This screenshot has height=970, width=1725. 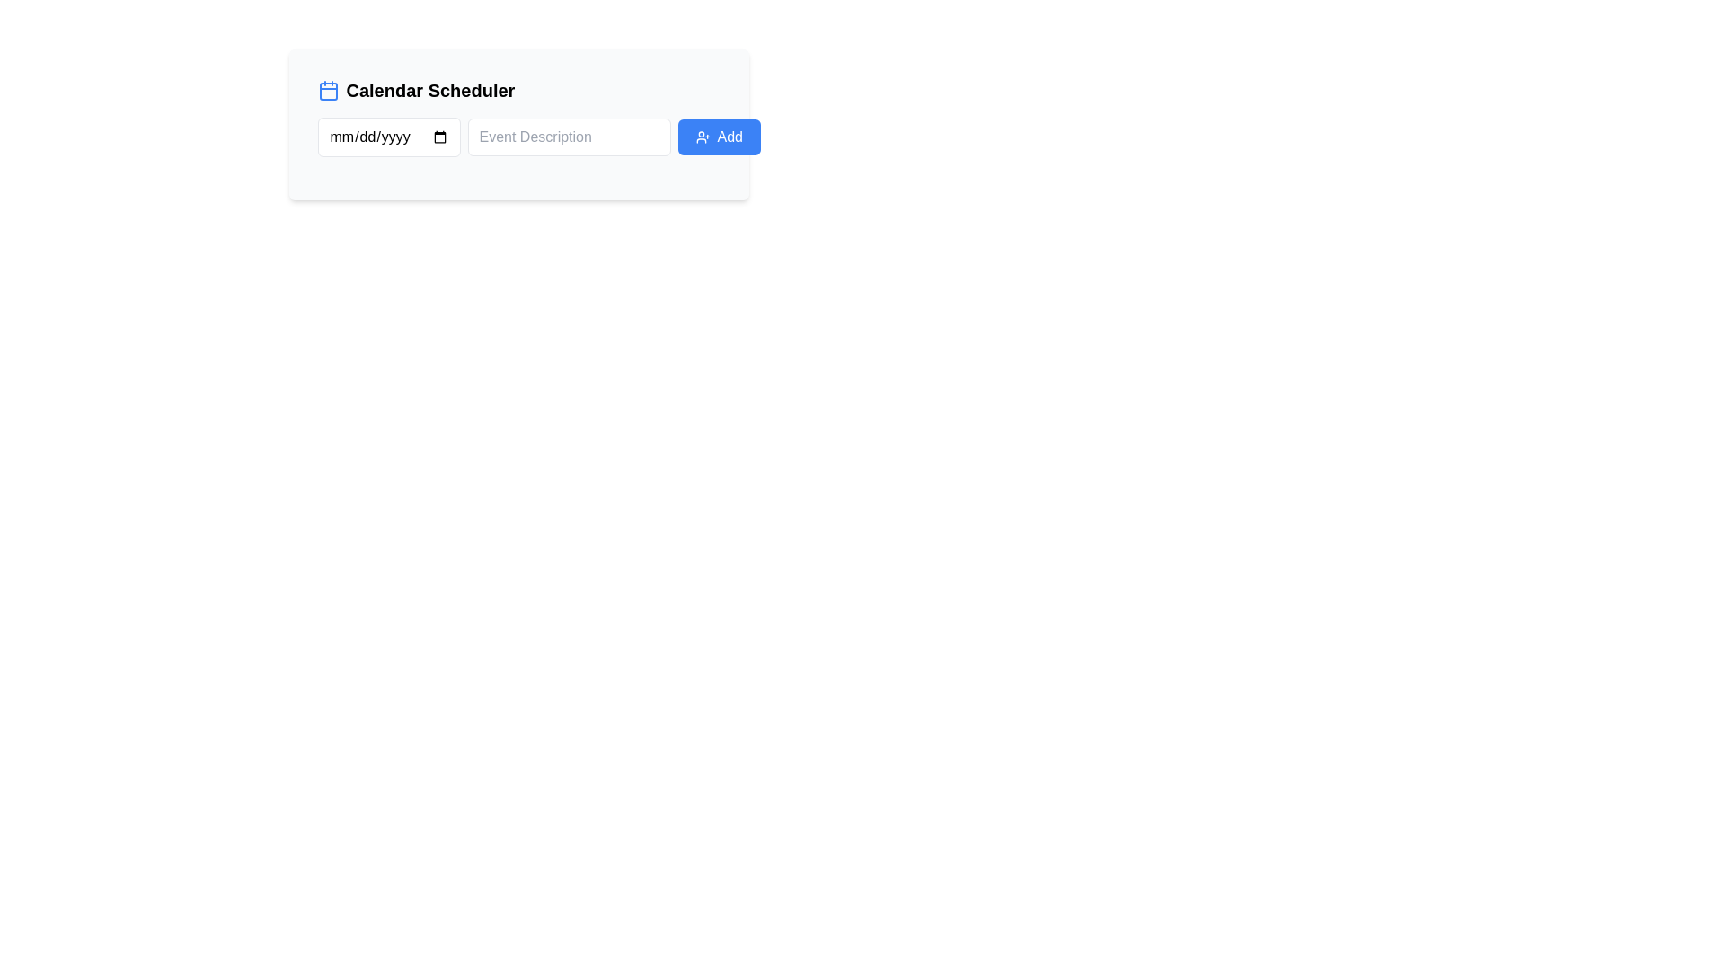 What do you see at coordinates (568, 137) in the screenshot?
I see `the text input field labeled 'Event Description'` at bounding box center [568, 137].